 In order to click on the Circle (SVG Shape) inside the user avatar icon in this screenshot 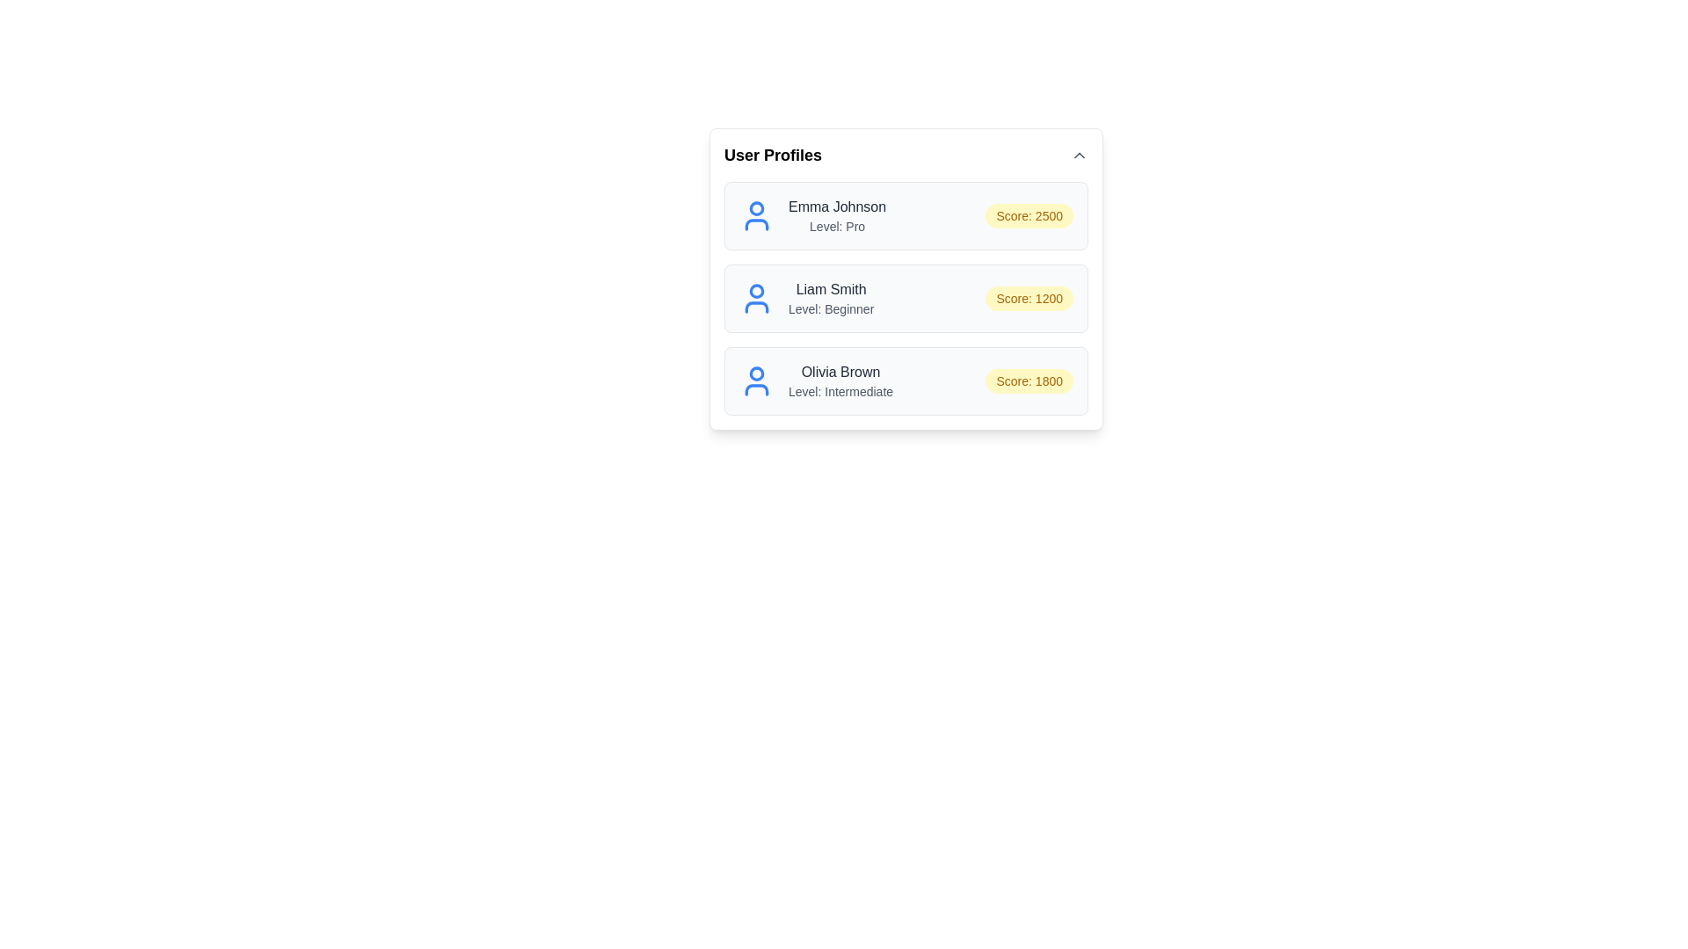, I will do `click(756, 372)`.